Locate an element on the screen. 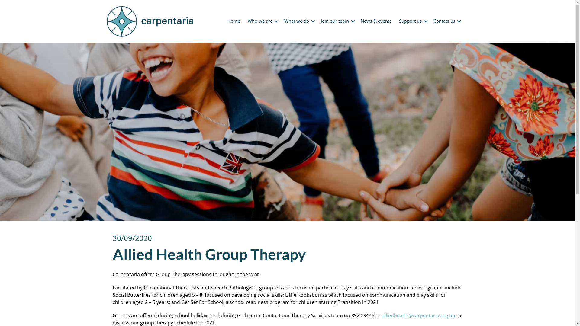  'What we do' is located at coordinates (298, 21).